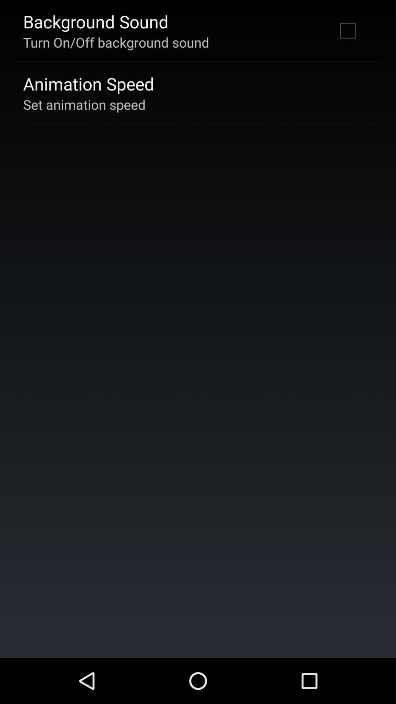 The image size is (396, 704). I want to click on the item above the animation speed, so click(115, 42).